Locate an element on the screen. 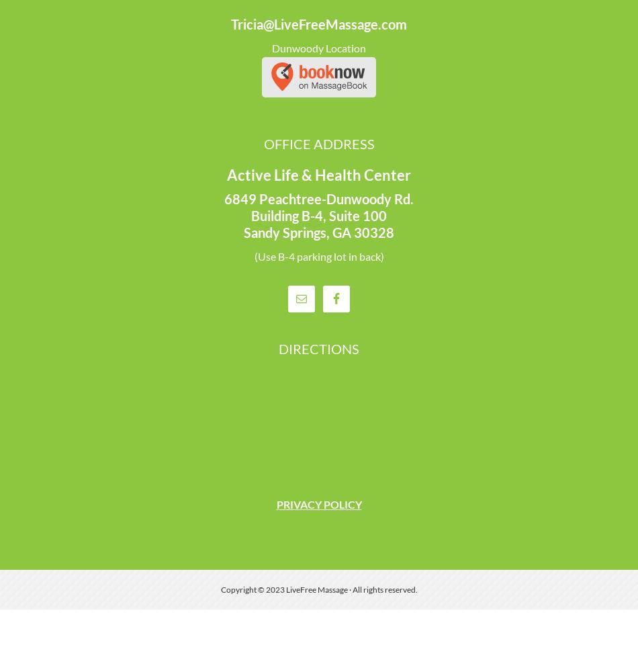 This screenshot has width=638, height=672. 'Copyright © 2023 LiveFree Massage · All rights reserved.' is located at coordinates (318, 589).